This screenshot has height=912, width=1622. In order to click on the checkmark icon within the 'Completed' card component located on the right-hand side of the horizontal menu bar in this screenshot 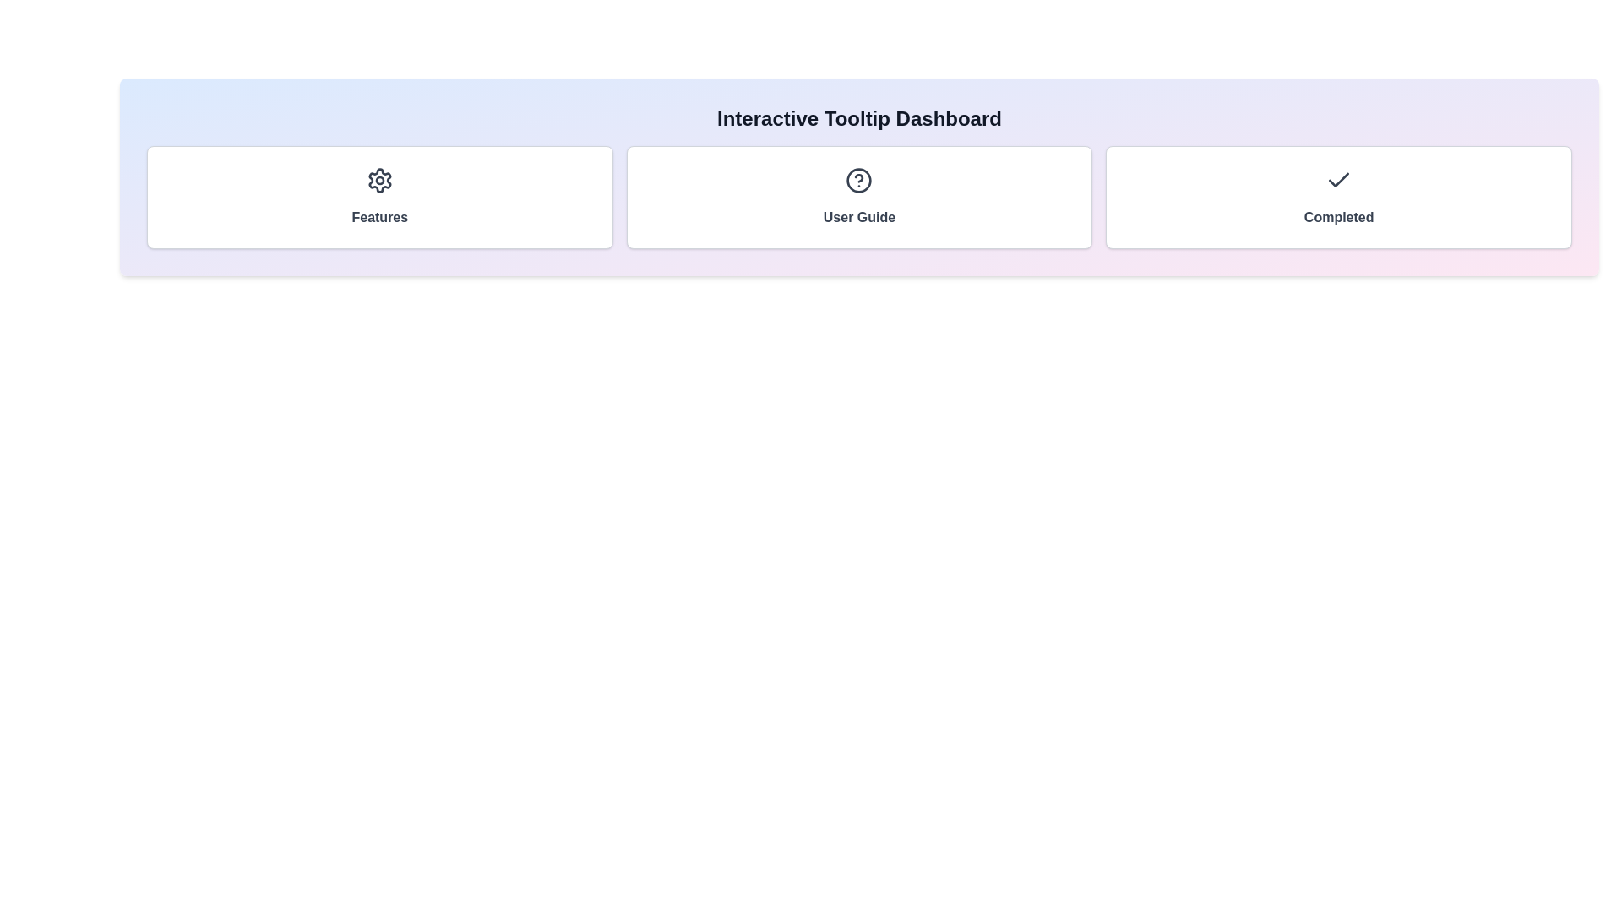, I will do `click(1338, 180)`.